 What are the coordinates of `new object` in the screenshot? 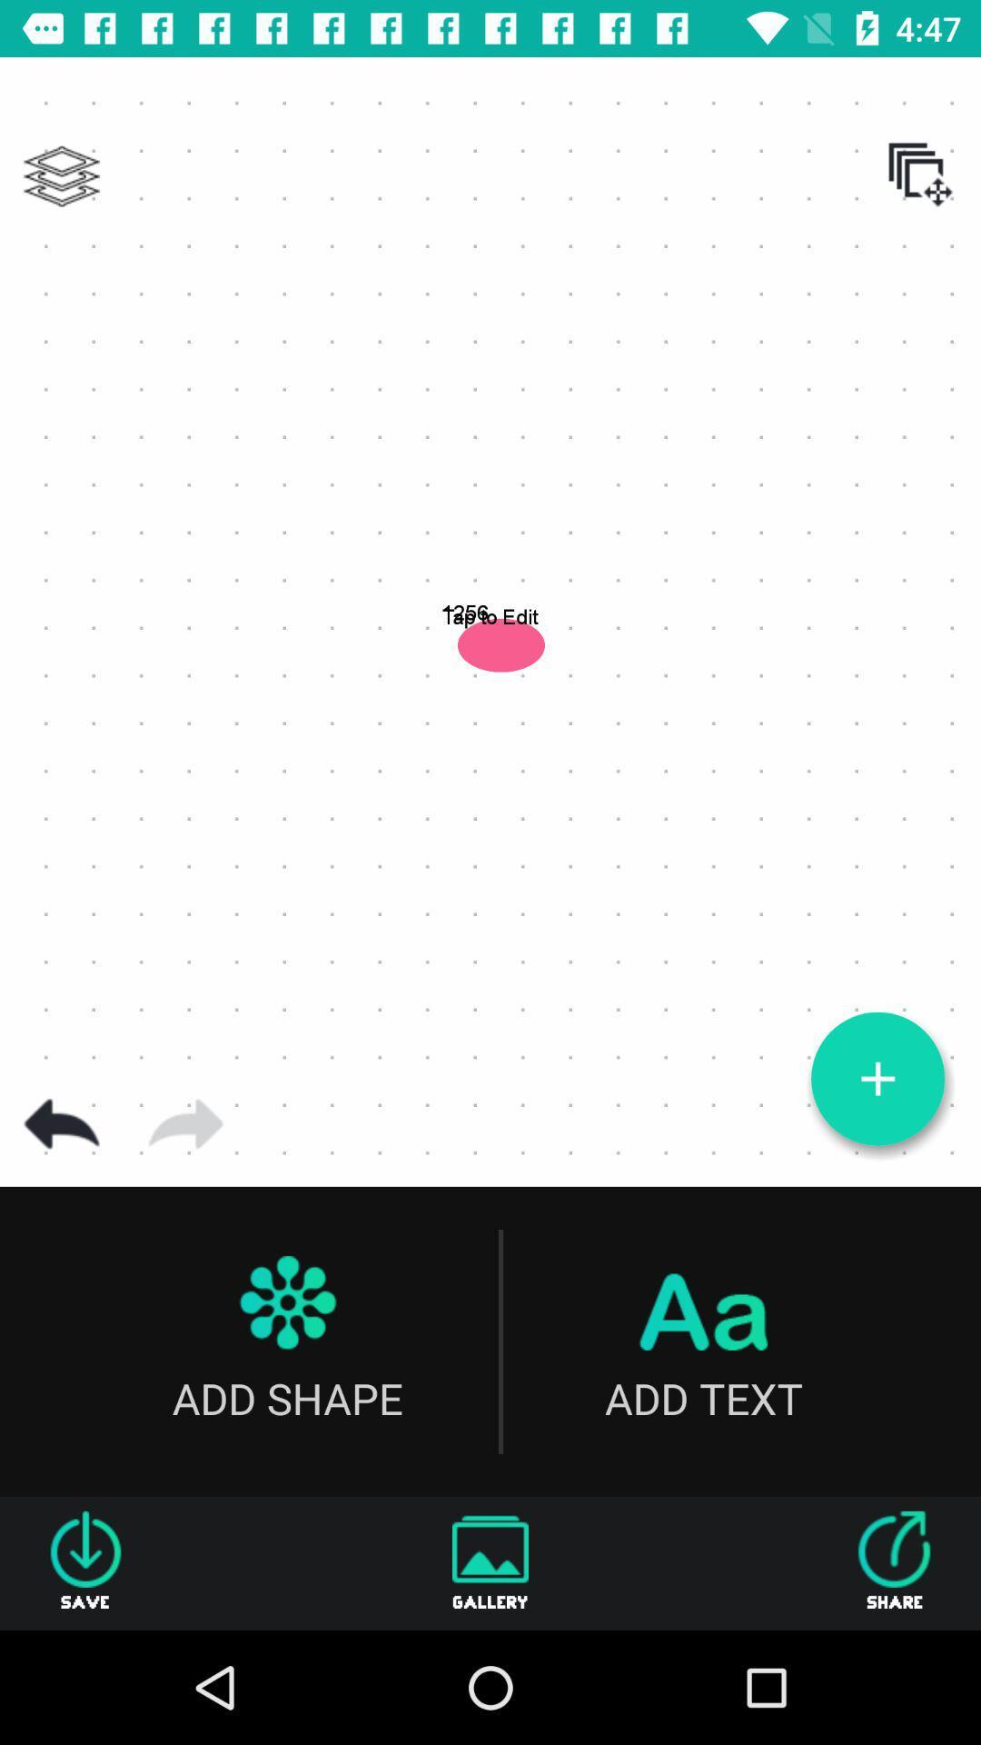 It's located at (877, 1079).